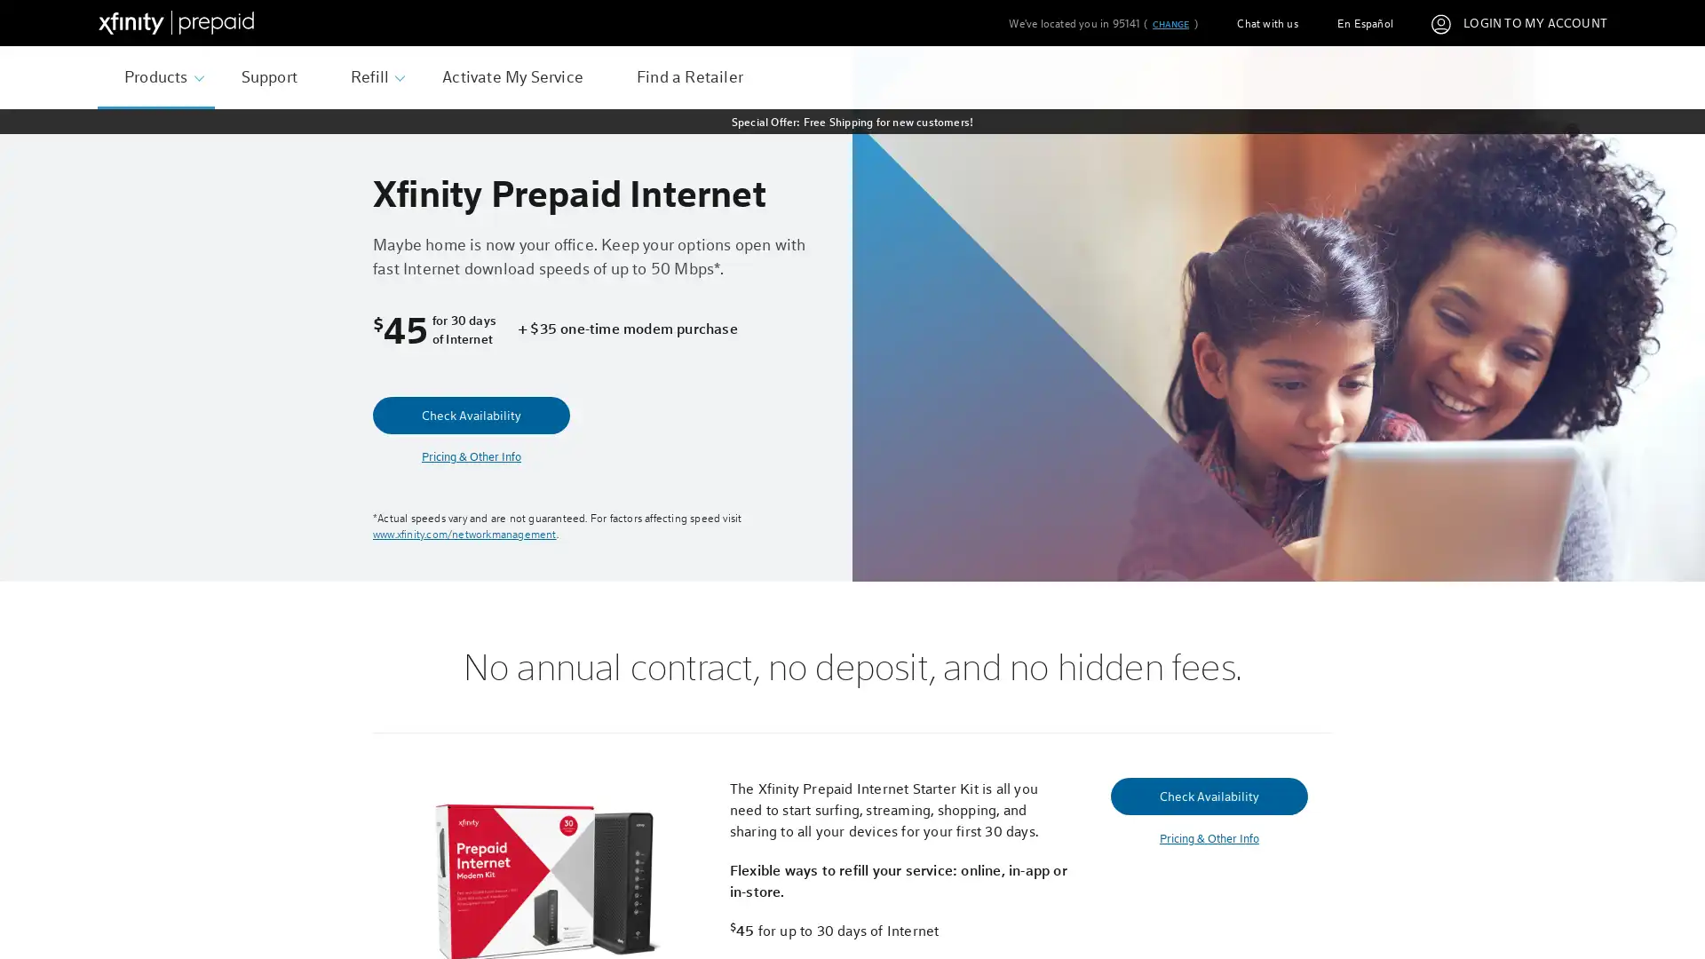  Describe the element at coordinates (1208, 838) in the screenshot. I see `Pricing & Other Info` at that location.